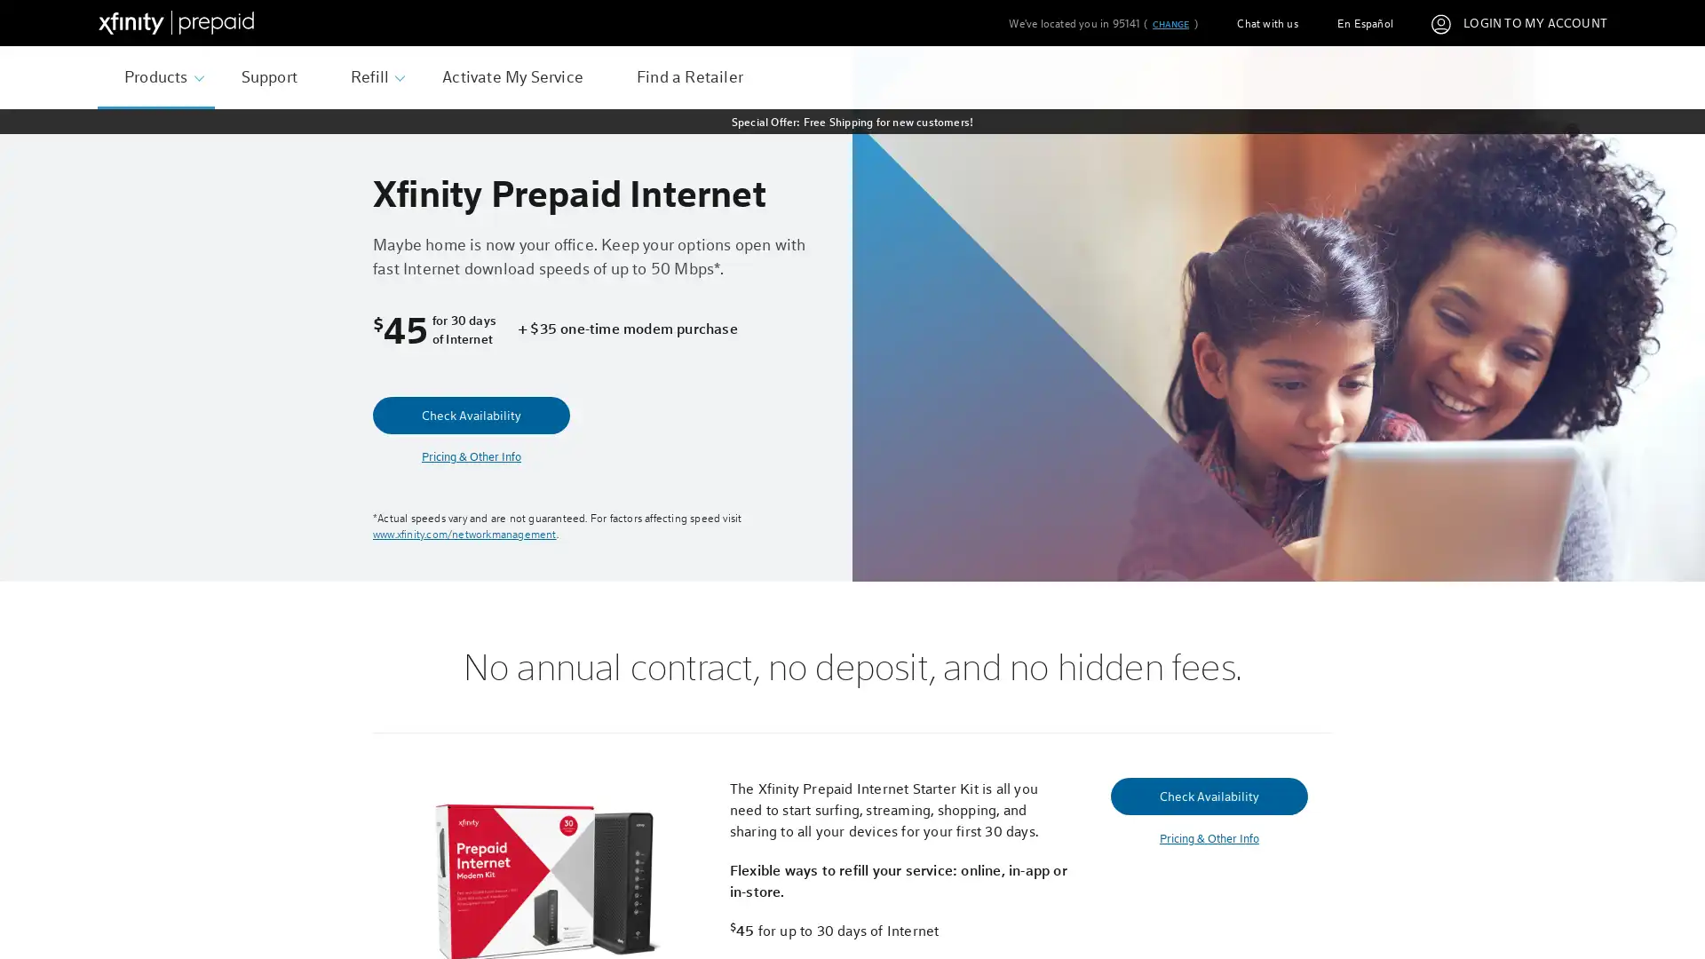  Describe the element at coordinates (1208, 838) in the screenshot. I see `Pricing & Other Info` at that location.